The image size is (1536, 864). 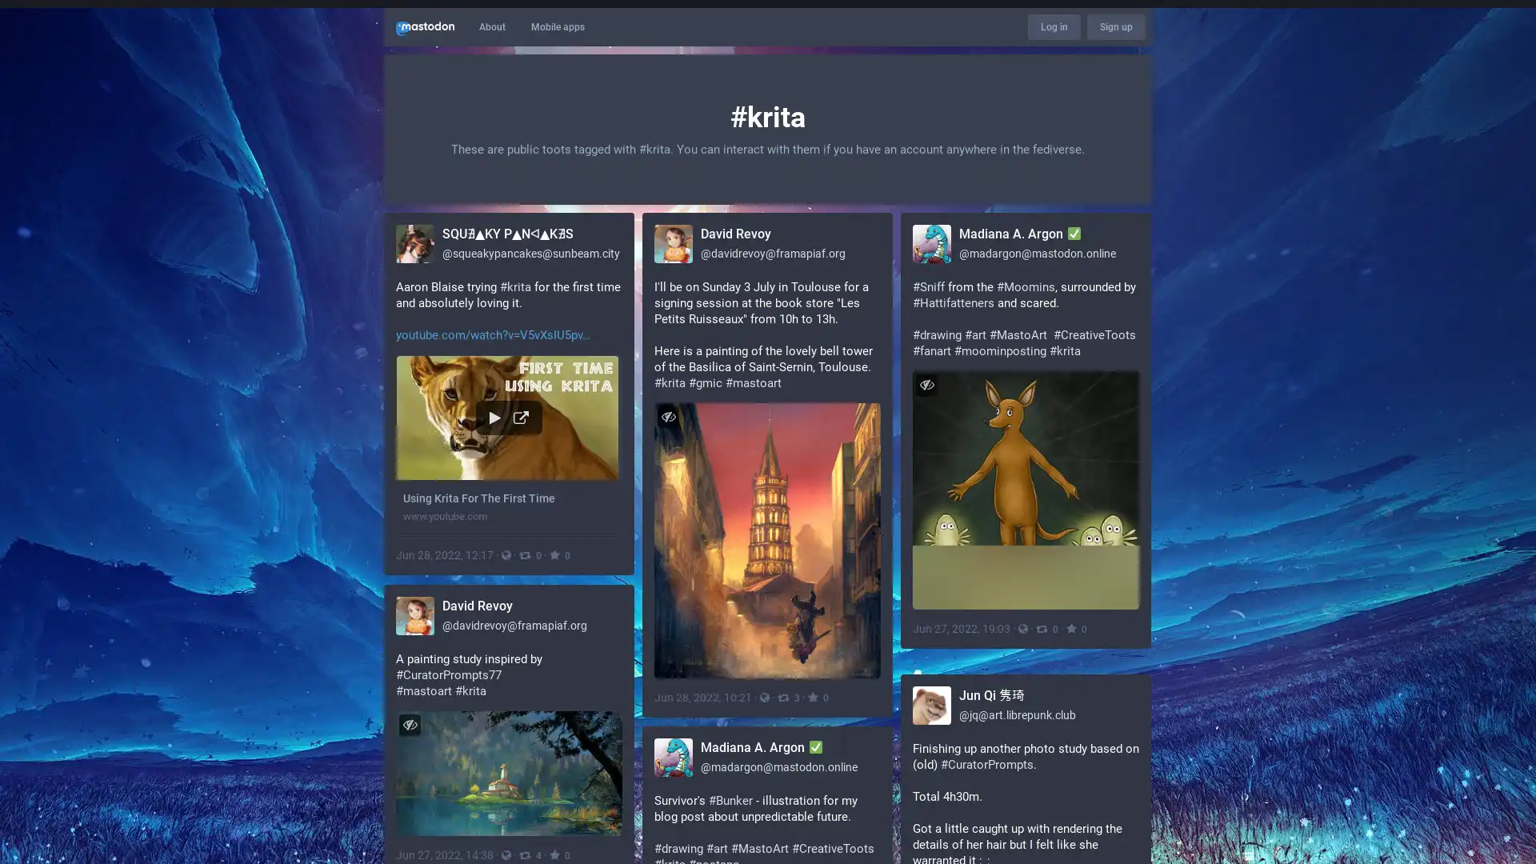 I want to click on Hide image, so click(x=926, y=384).